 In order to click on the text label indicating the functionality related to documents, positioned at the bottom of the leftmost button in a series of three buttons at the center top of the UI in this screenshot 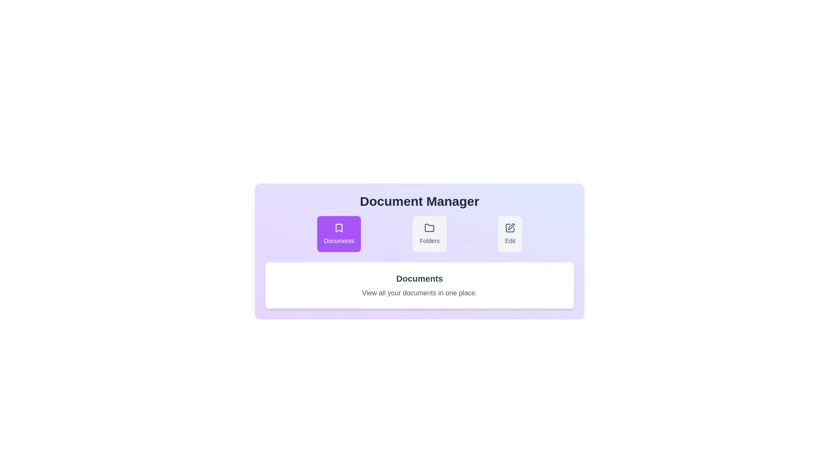, I will do `click(339, 241)`.